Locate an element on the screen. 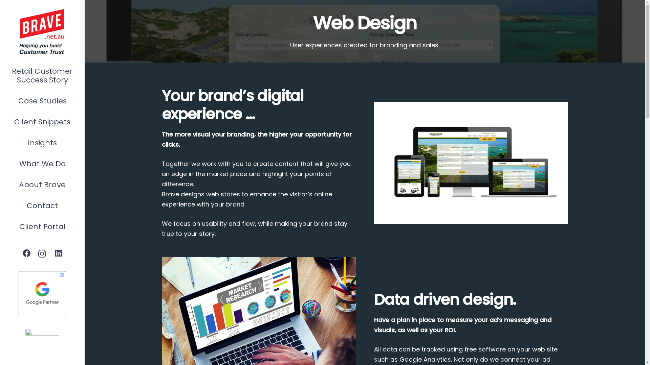 This screenshot has width=650, height=365. 'About Brave' is located at coordinates (42, 185).